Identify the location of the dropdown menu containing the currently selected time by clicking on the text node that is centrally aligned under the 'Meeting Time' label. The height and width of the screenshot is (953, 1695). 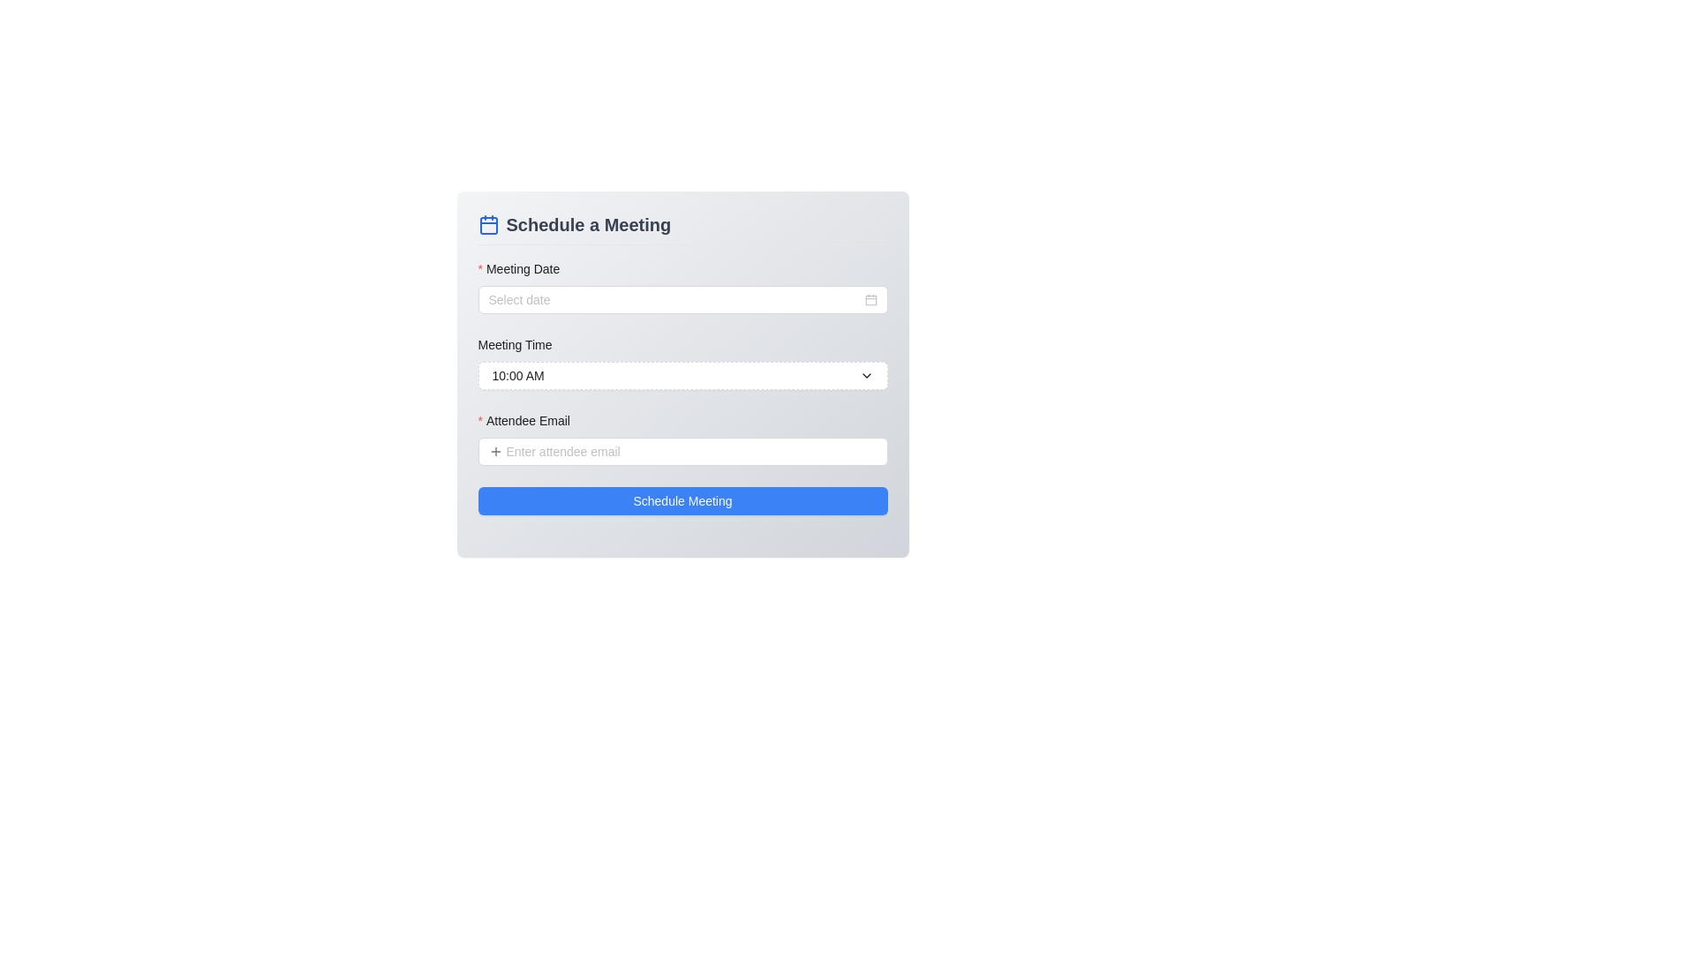
(517, 374).